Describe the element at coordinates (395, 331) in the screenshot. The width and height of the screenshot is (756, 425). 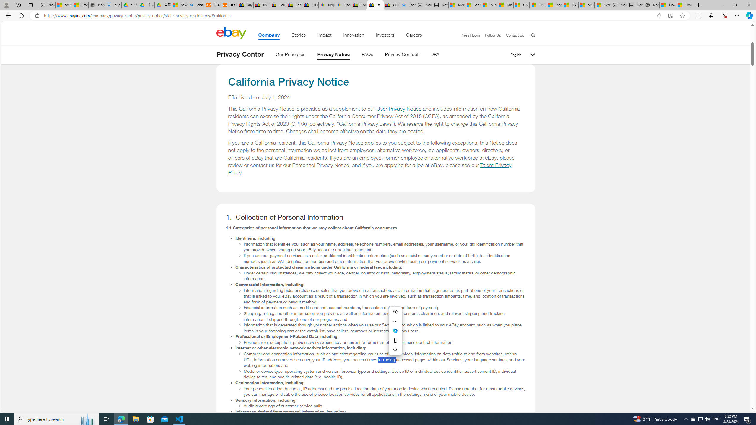
I see `'Ask Copilot'` at that location.